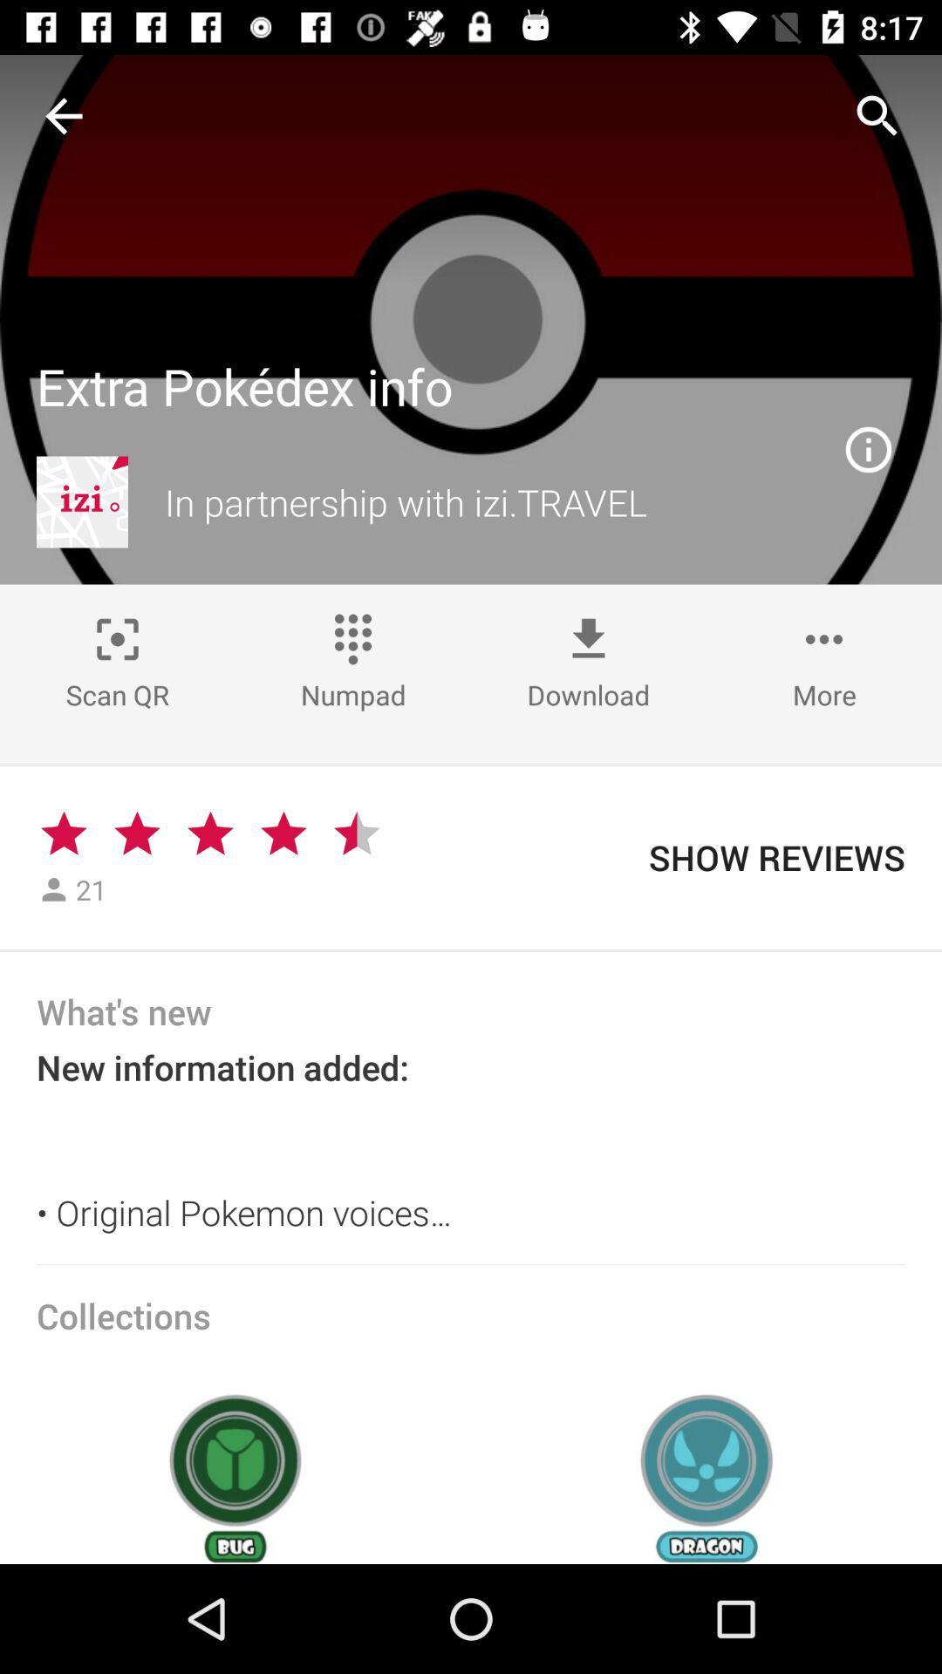  Describe the element at coordinates (136, 833) in the screenshot. I see `item next to 21 item` at that location.